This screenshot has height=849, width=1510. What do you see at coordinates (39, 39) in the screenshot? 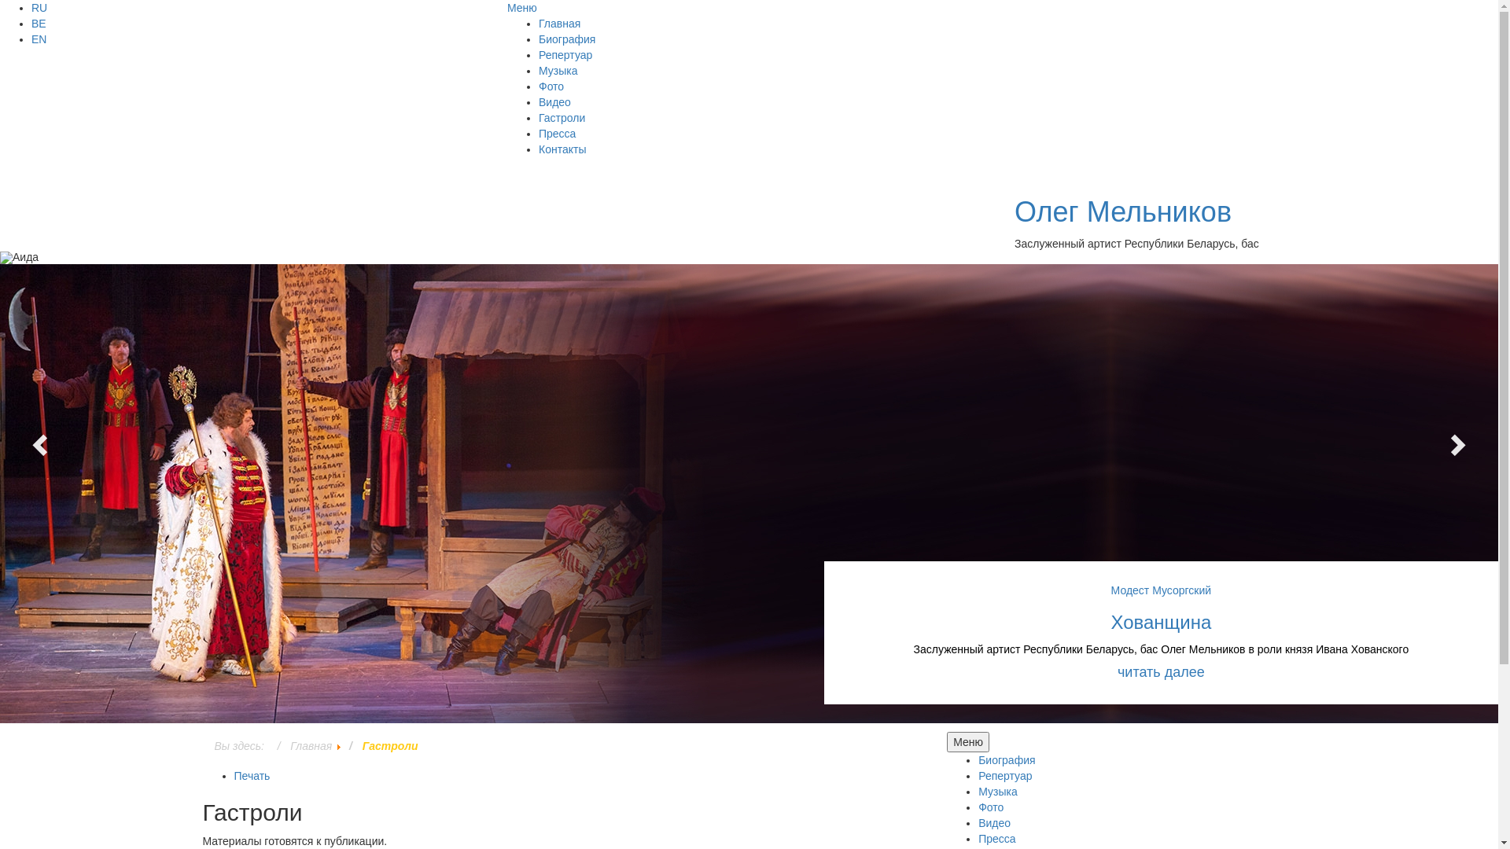
I see `'EN'` at bounding box center [39, 39].